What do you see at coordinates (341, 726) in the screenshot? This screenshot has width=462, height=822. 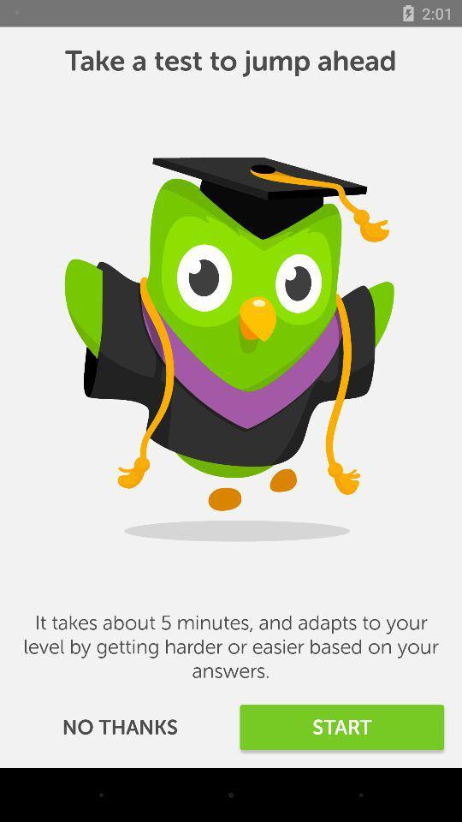 I see `item next to the no thanks icon` at bounding box center [341, 726].